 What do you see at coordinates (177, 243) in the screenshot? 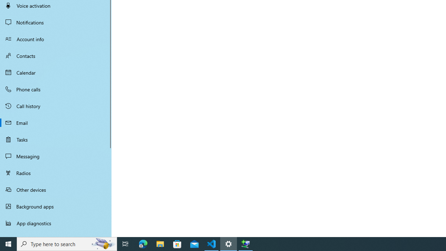
I see `'Microsoft Store'` at bounding box center [177, 243].